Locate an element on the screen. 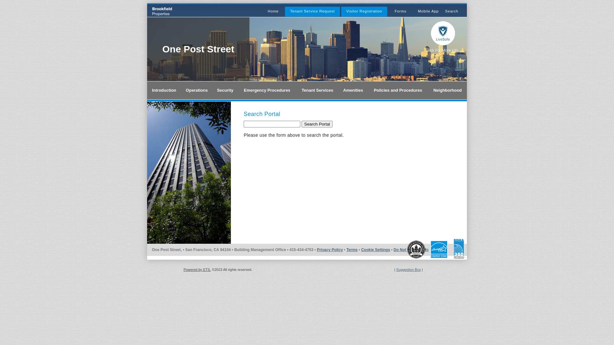  'Terms' is located at coordinates (351, 249).